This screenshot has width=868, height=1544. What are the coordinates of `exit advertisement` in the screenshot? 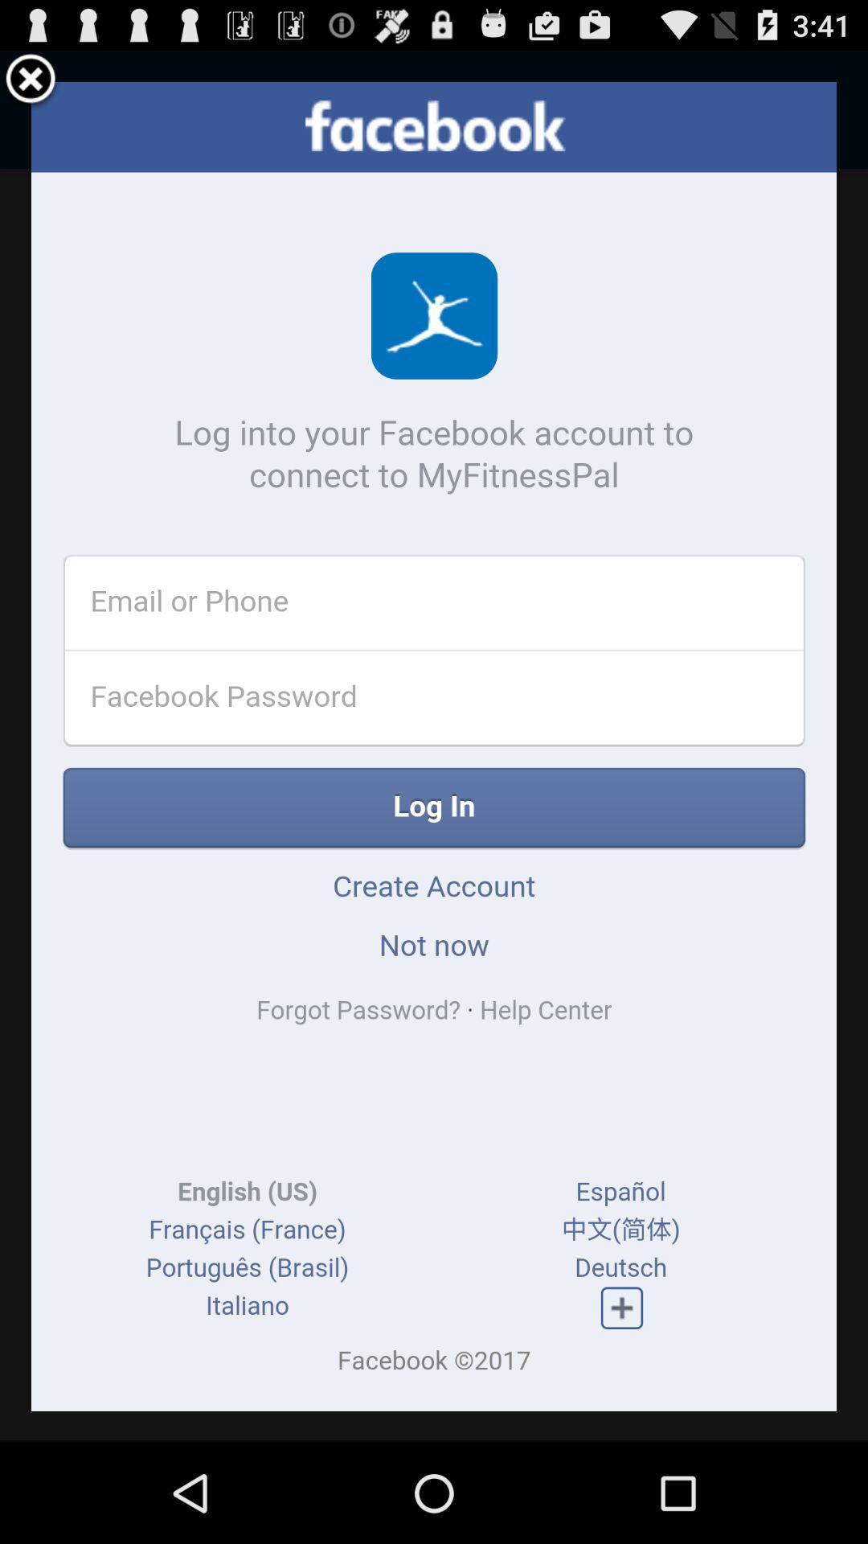 It's located at (31, 80).